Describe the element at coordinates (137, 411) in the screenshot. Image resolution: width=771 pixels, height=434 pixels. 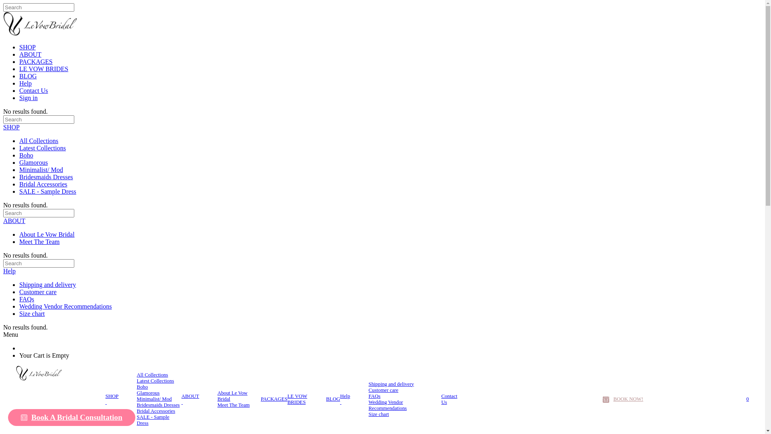
I see `'Bridal Accessories'` at that location.